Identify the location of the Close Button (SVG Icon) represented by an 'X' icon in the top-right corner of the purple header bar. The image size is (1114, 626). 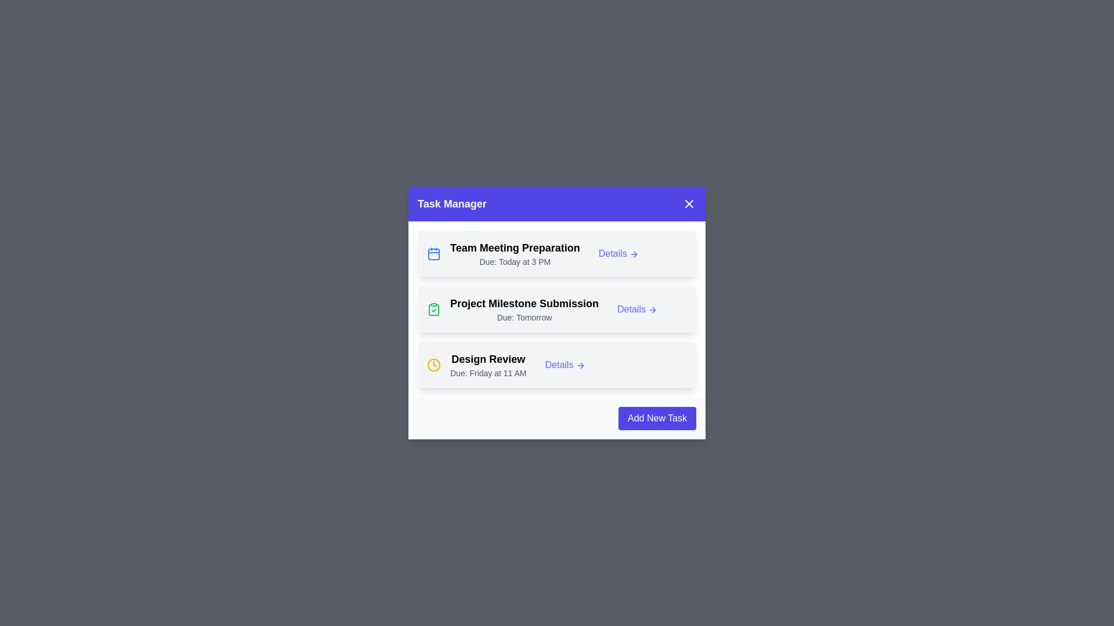
(689, 203).